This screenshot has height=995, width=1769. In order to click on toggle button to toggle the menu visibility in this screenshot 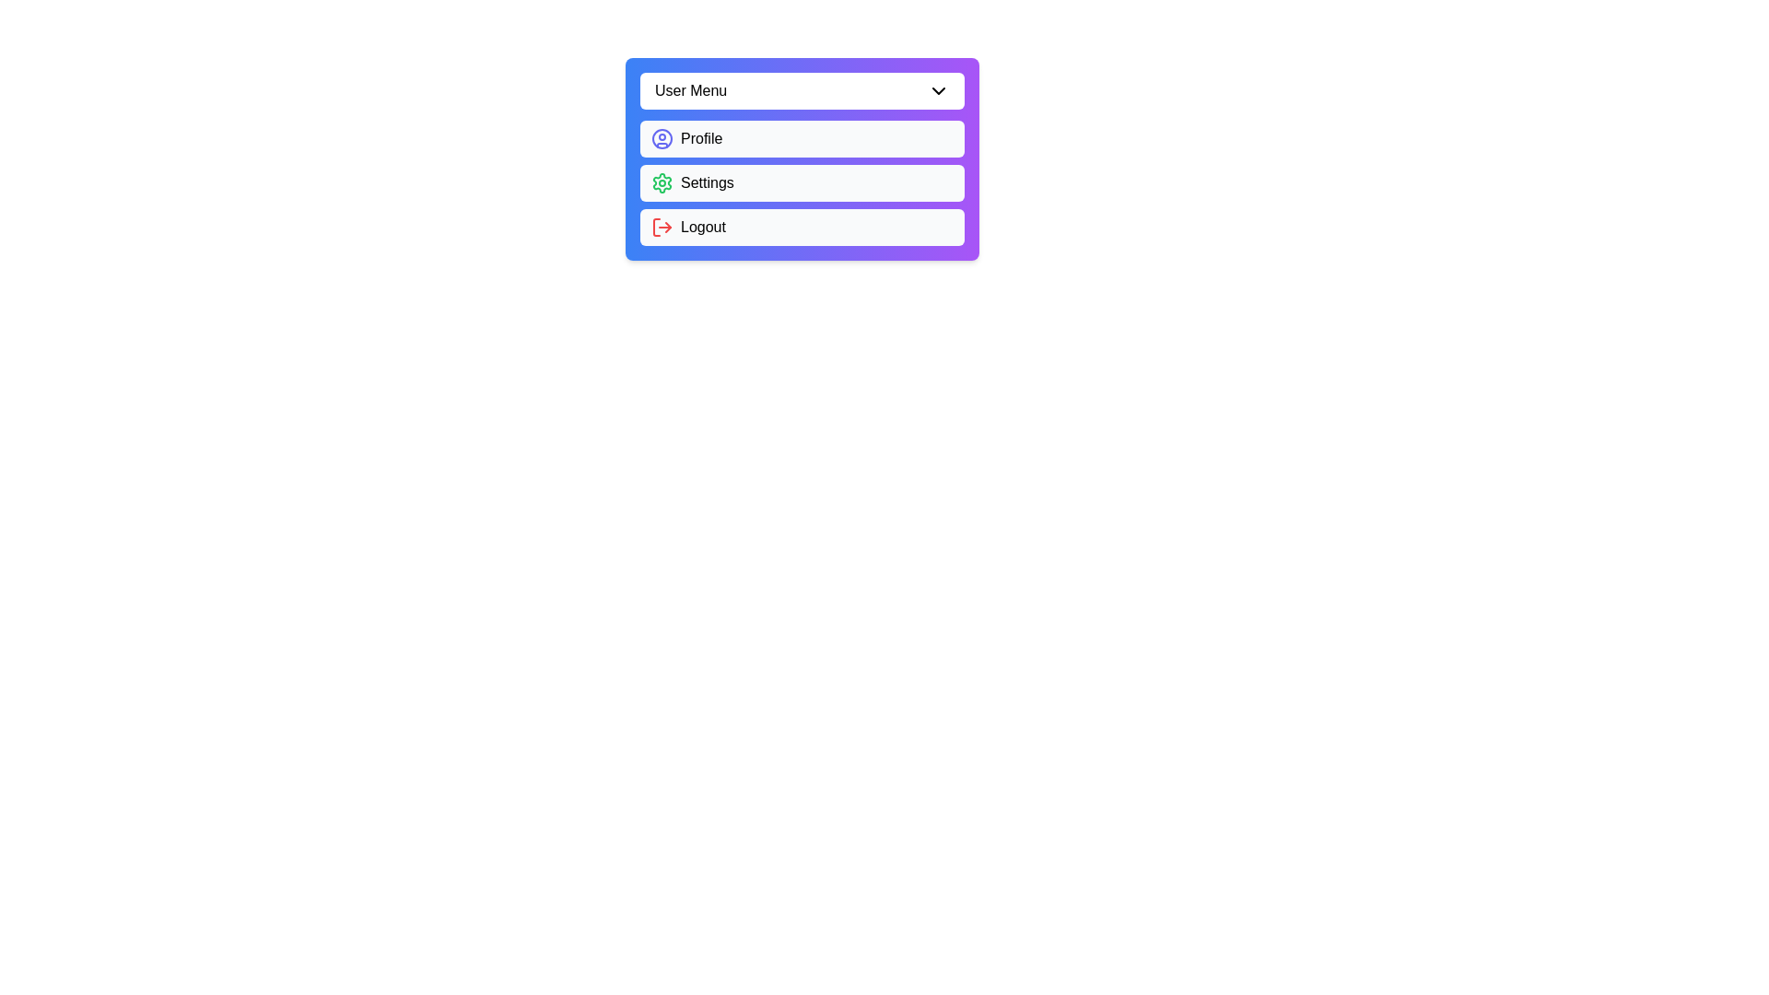, I will do `click(802, 91)`.